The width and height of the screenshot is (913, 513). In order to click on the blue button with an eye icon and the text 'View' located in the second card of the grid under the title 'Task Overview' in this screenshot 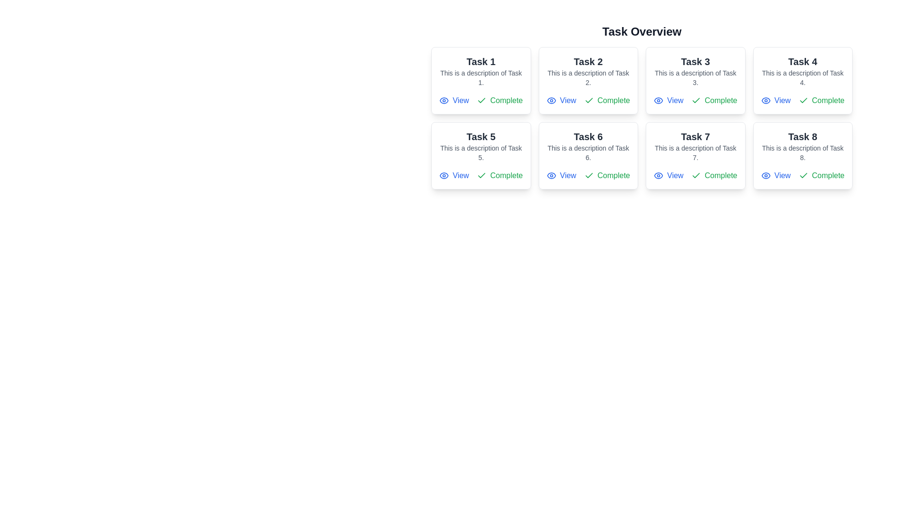, I will do `click(561, 101)`.